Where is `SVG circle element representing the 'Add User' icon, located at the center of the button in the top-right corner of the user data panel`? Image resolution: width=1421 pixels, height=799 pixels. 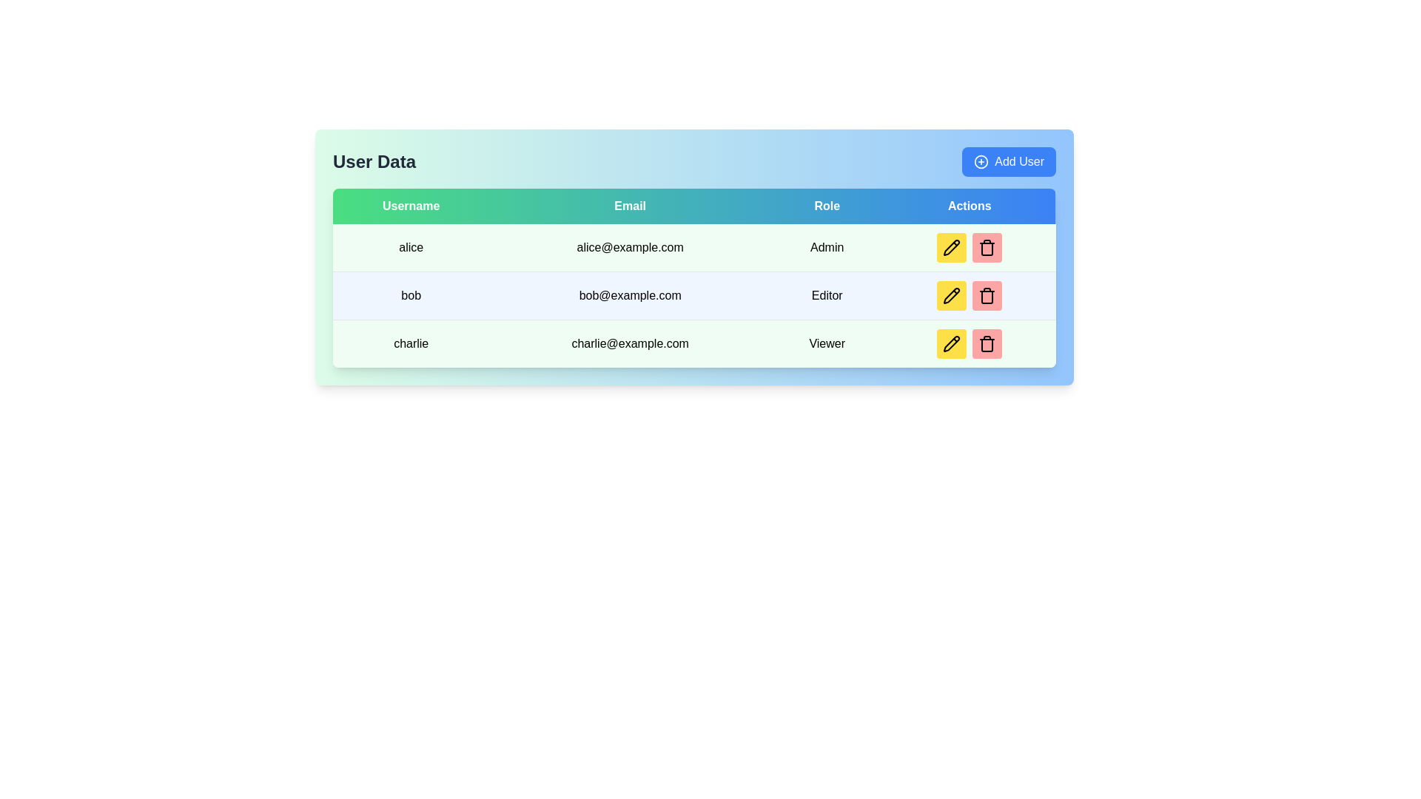
SVG circle element representing the 'Add User' icon, located at the center of the button in the top-right corner of the user data panel is located at coordinates (981, 162).